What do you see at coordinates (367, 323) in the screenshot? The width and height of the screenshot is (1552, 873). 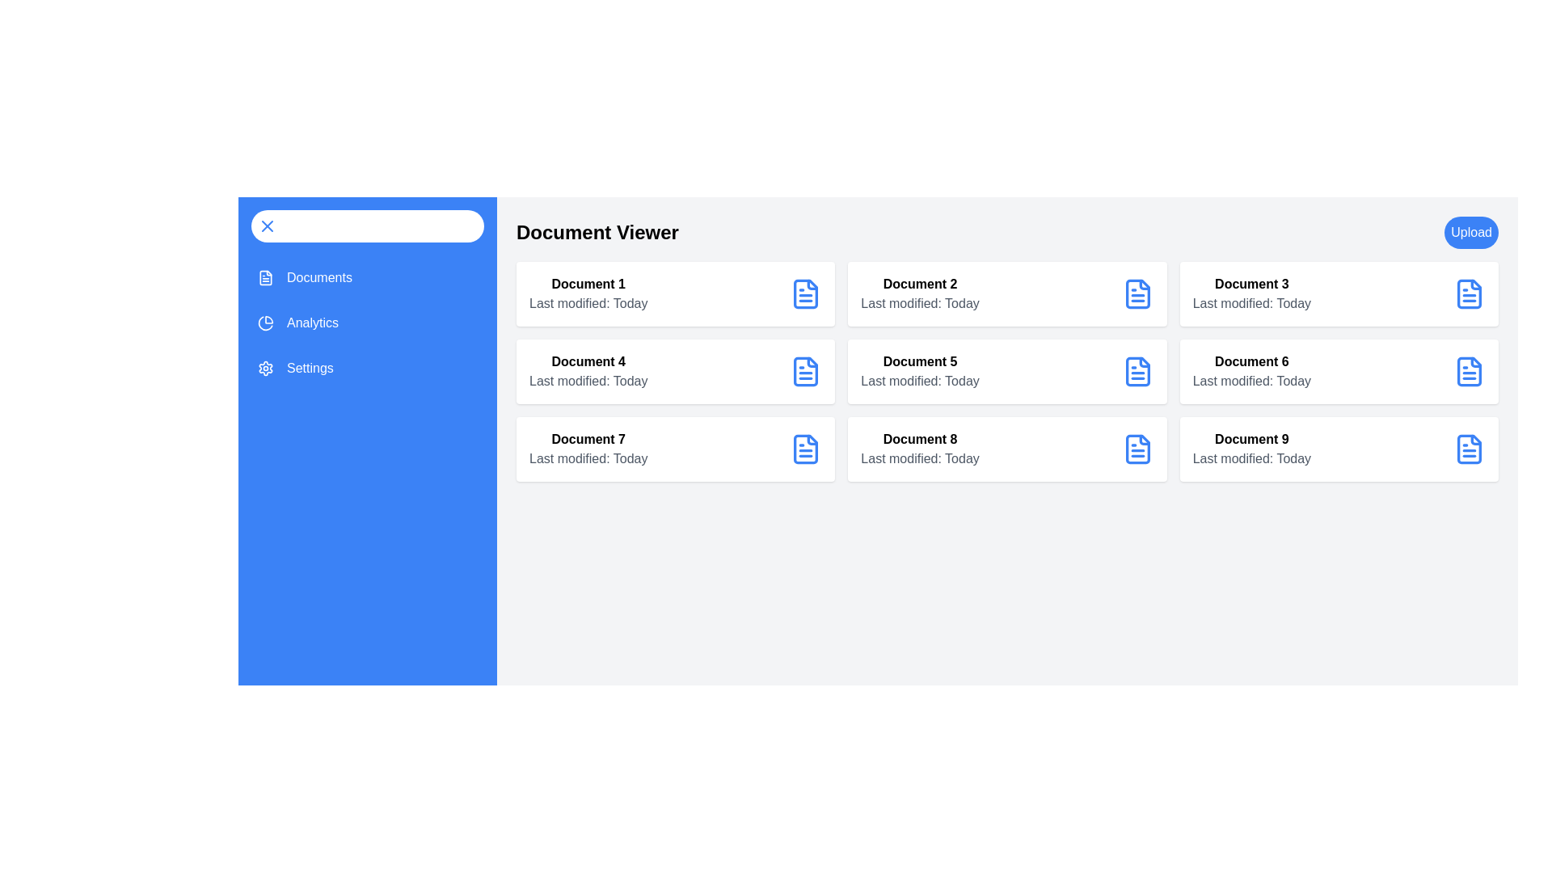 I see `the menu item Analytics from the sidebar menu` at bounding box center [367, 323].